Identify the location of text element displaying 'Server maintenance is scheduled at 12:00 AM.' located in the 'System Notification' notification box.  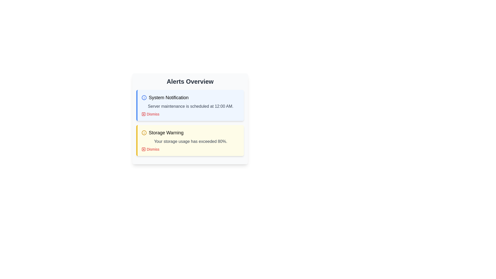
(190, 106).